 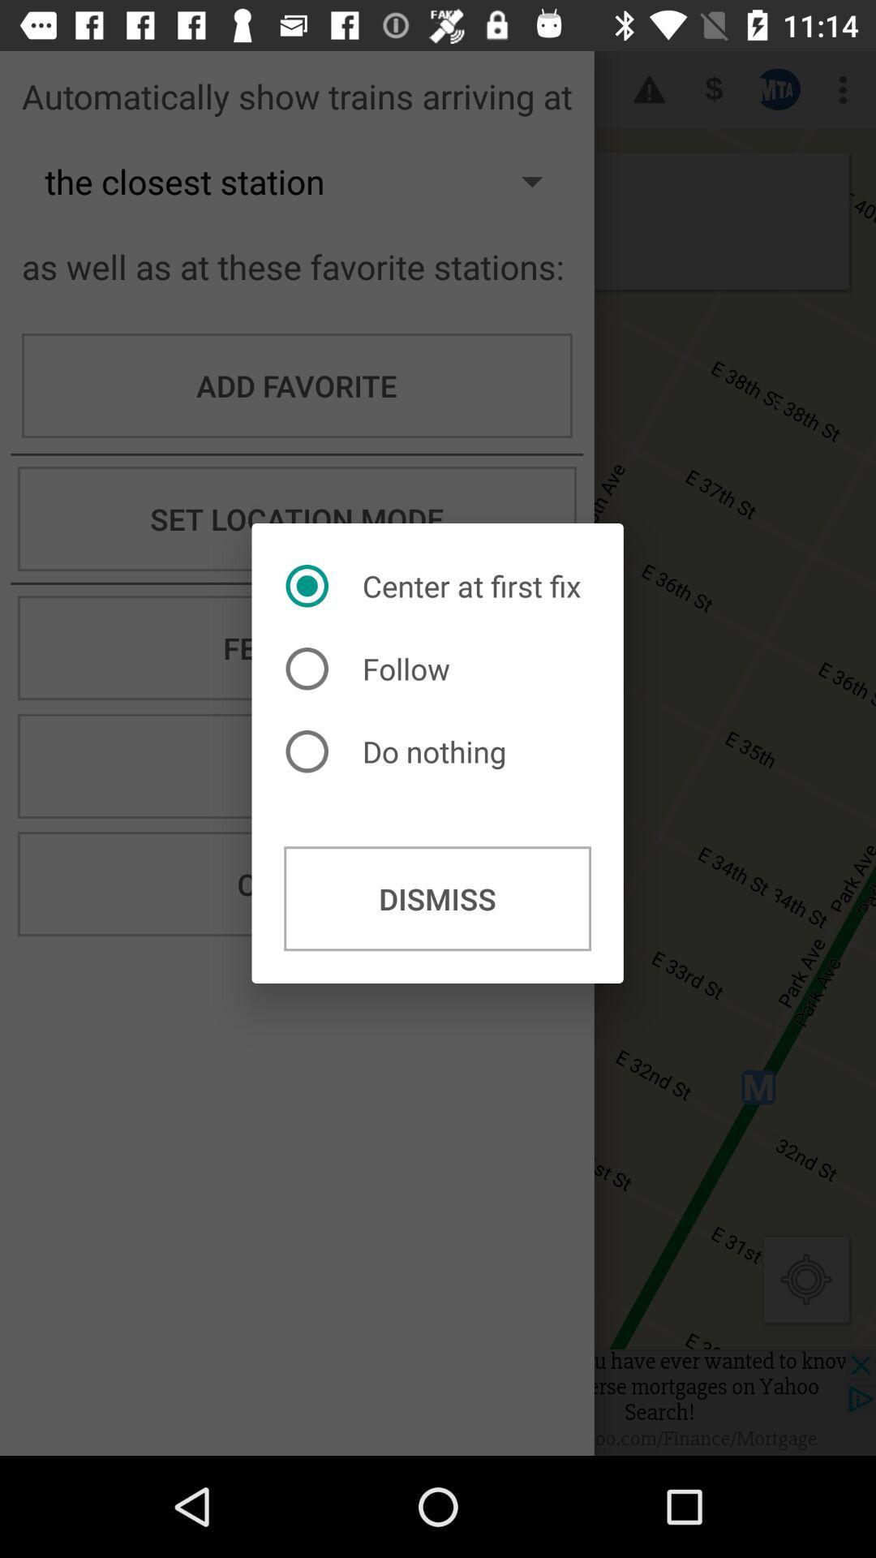 What do you see at coordinates (400, 751) in the screenshot?
I see `the radio button below the follow` at bounding box center [400, 751].